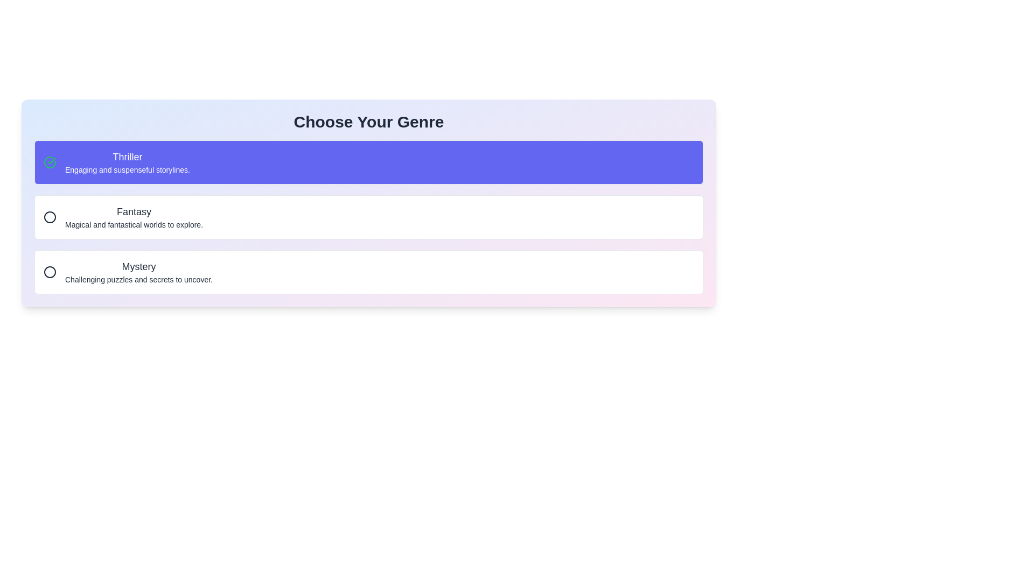 The width and height of the screenshot is (1034, 581). What do you see at coordinates (127, 169) in the screenshot?
I see `text label displaying 'Engaging and suspenseful storylines.' which is located beneath the header 'Thriller' within a purple-highlighted rectangular section` at bounding box center [127, 169].